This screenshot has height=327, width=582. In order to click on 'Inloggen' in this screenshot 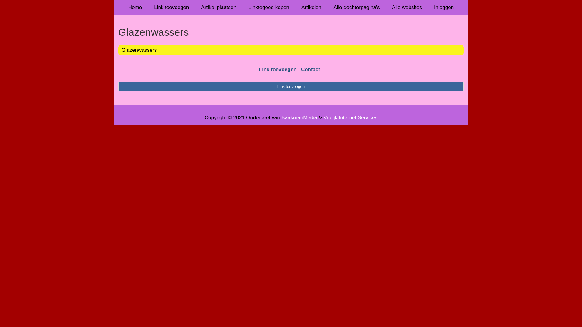, I will do `click(444, 7)`.